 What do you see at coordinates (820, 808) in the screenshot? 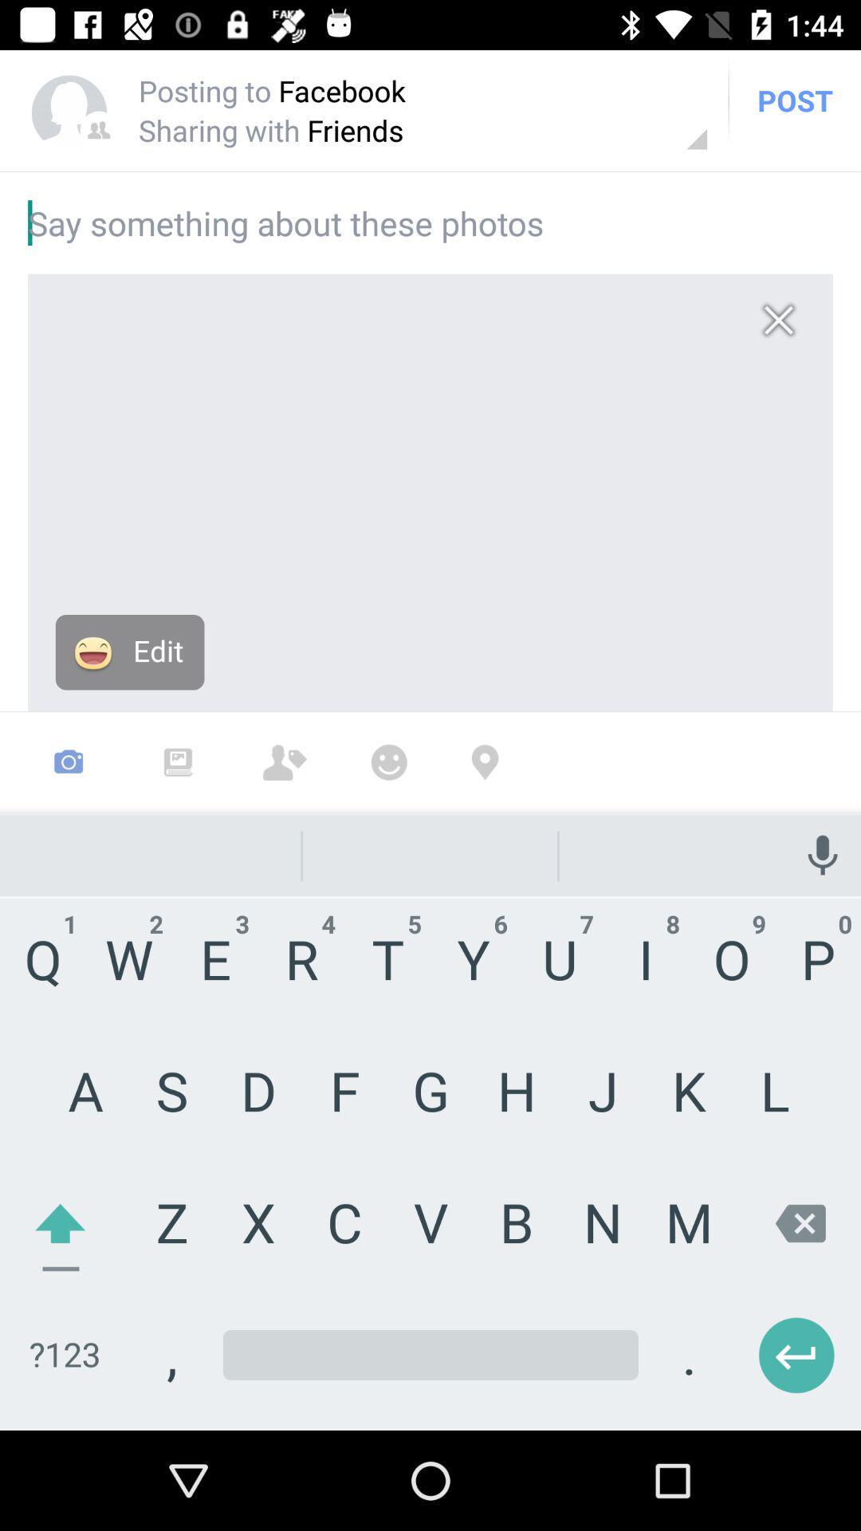
I see `the audio icon` at bounding box center [820, 808].